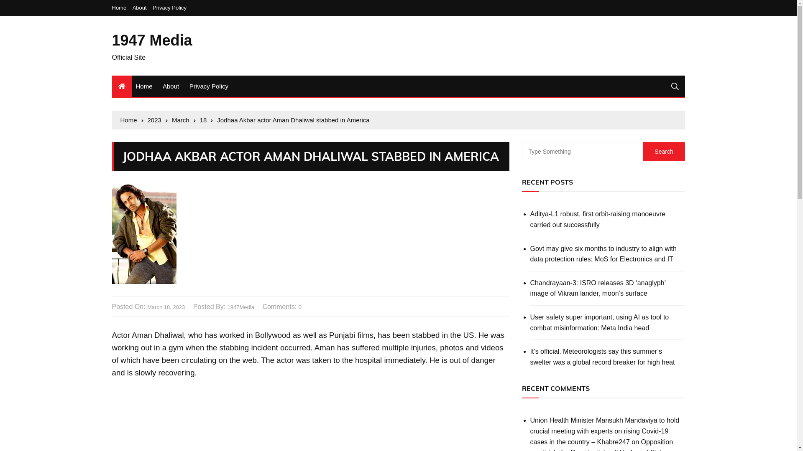 The image size is (803, 451). I want to click on 'Jodhaa Akbar actor Aman Dhaliwal stabbed in America', so click(293, 120).